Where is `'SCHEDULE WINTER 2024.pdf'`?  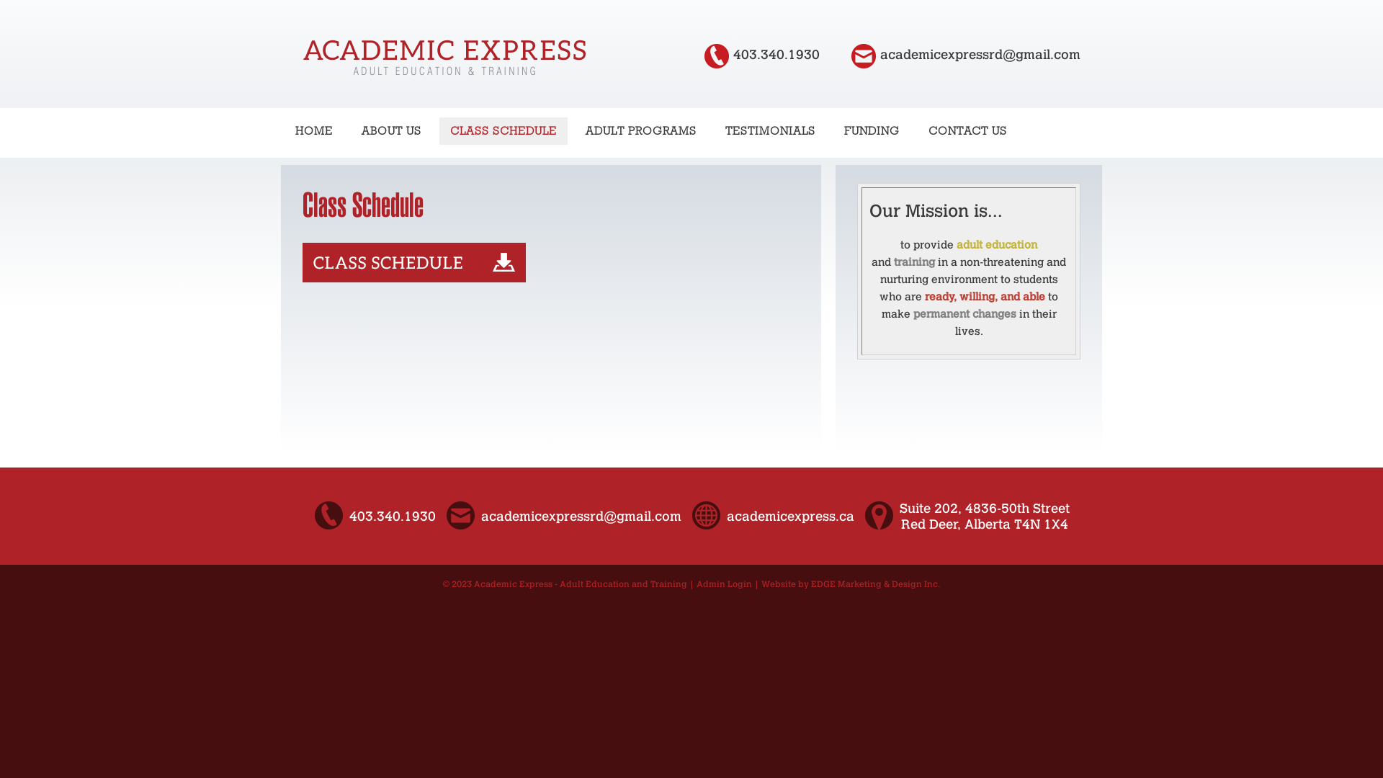 'SCHEDULE WINTER 2024.pdf' is located at coordinates (413, 278).